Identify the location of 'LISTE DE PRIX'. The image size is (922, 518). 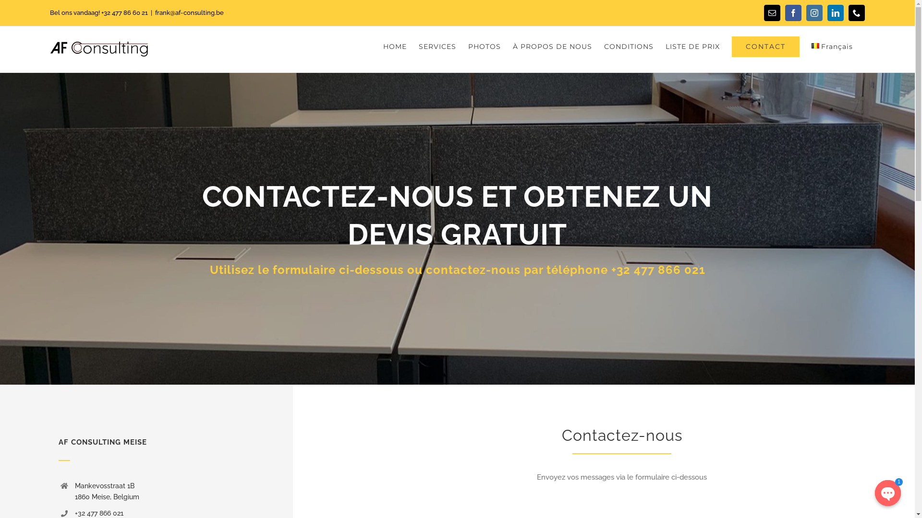
(692, 46).